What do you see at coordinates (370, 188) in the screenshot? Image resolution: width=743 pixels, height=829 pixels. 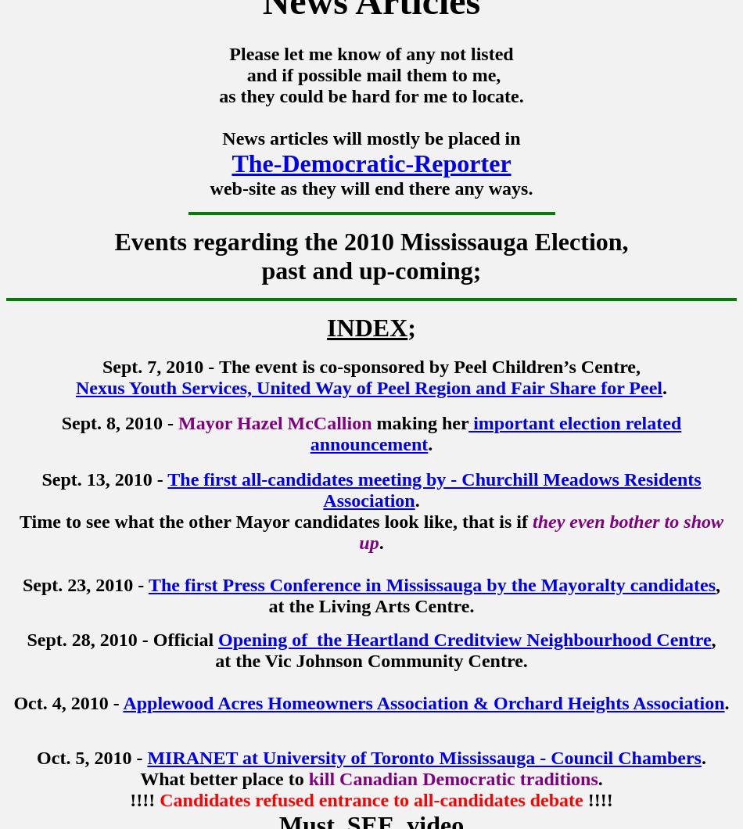 I see `'web-site as they will end there any ways.'` at bounding box center [370, 188].